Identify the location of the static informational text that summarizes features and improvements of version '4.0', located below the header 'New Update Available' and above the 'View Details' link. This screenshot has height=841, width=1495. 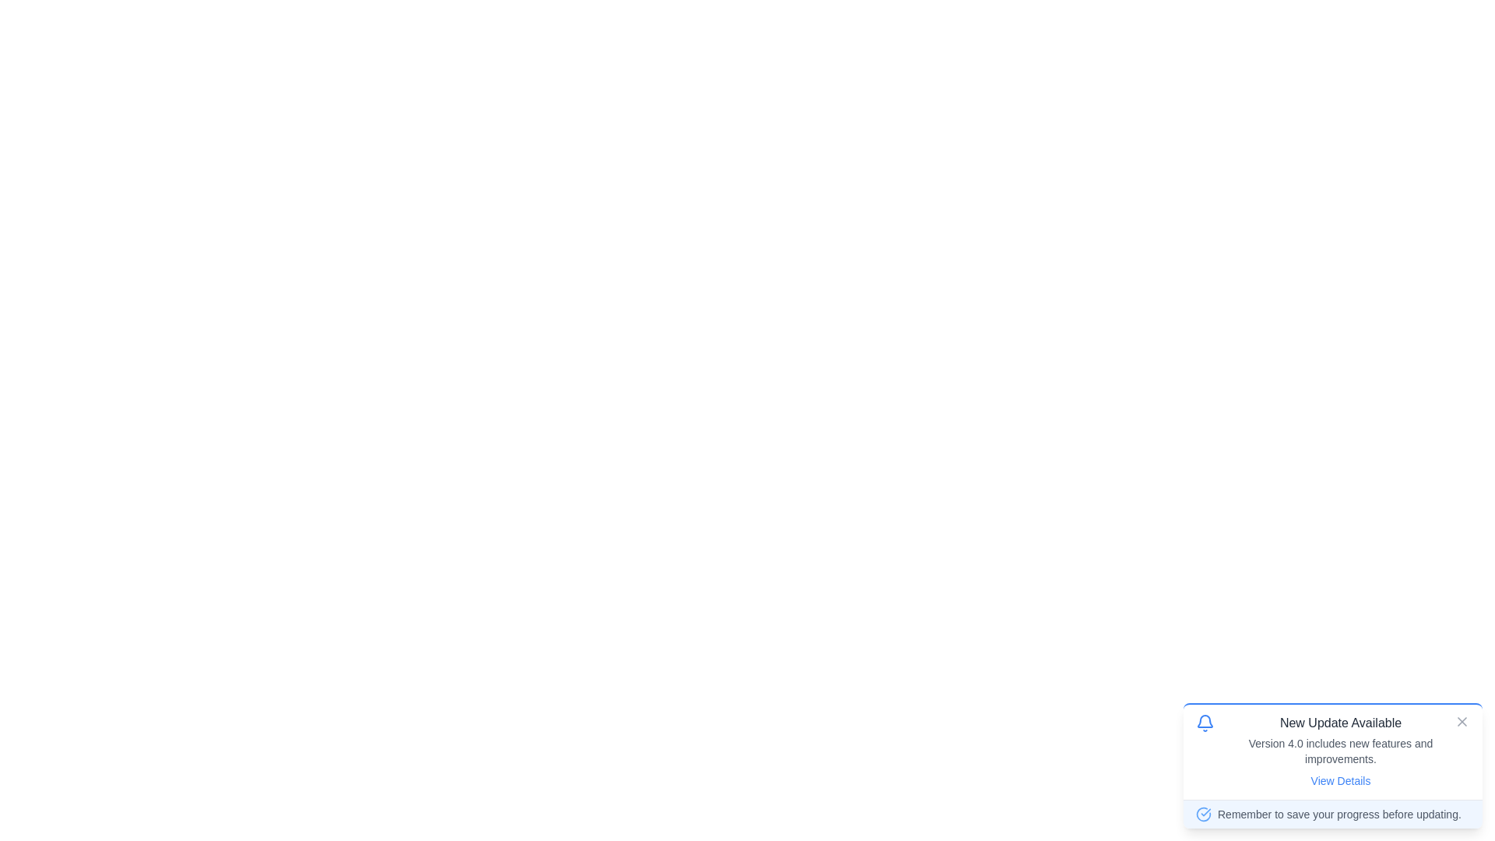
(1340, 750).